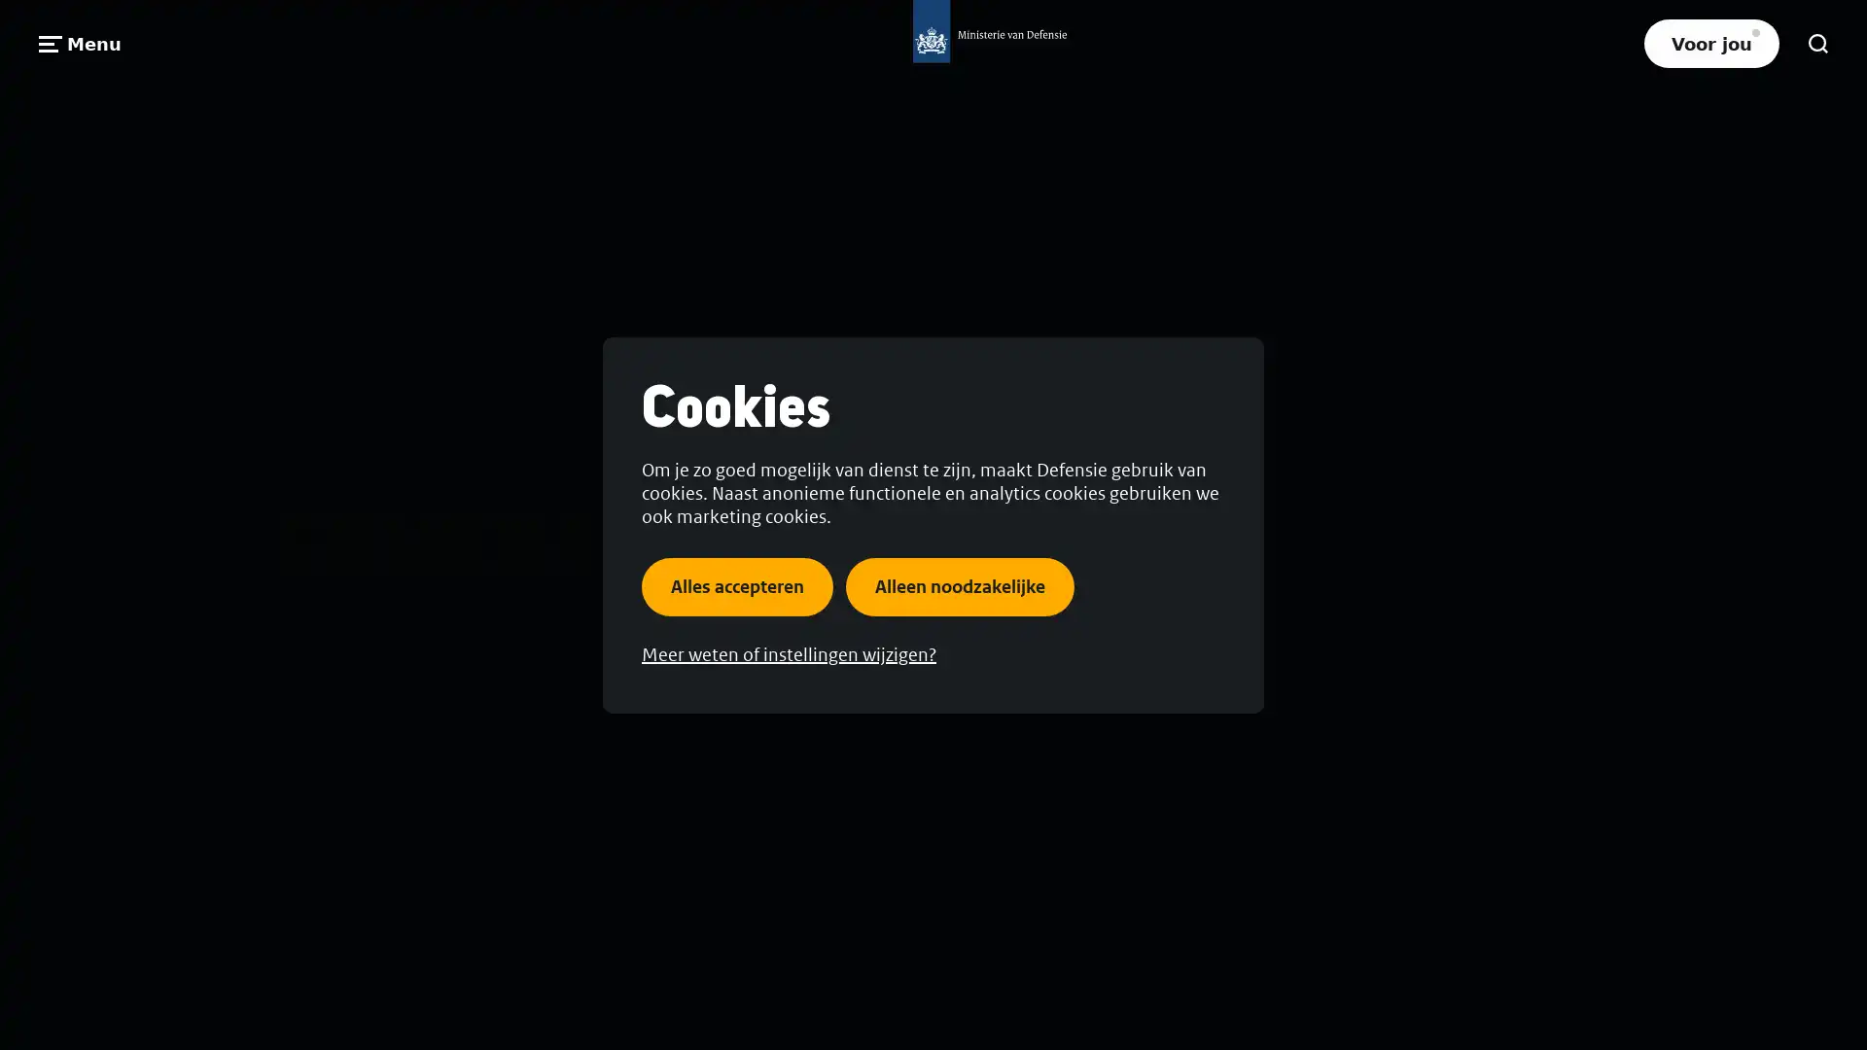 This screenshot has height=1050, width=1867. Describe the element at coordinates (960, 584) in the screenshot. I see `Alleen noodzakelijke` at that location.